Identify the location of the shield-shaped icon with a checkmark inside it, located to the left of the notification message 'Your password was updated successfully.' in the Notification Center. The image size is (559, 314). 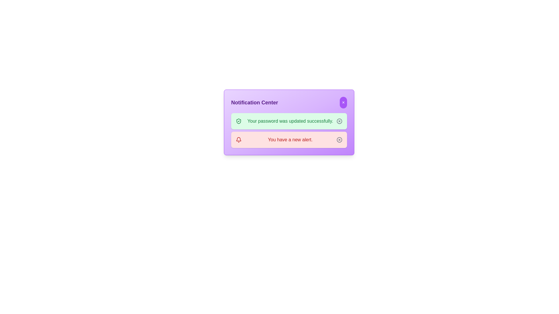
(239, 121).